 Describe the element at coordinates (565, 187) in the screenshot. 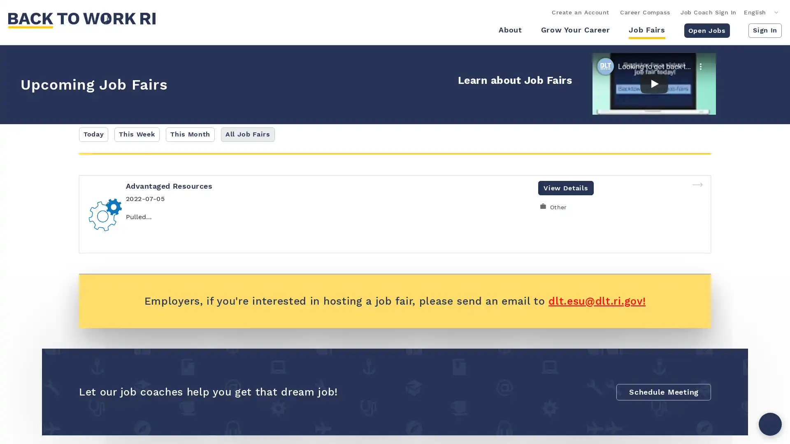

I see `View Details` at that location.